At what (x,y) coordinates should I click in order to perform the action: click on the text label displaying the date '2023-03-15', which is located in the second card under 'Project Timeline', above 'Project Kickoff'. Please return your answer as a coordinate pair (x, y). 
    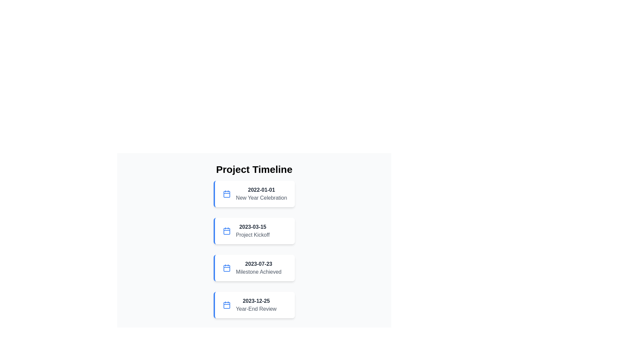
    Looking at the image, I should click on (252, 226).